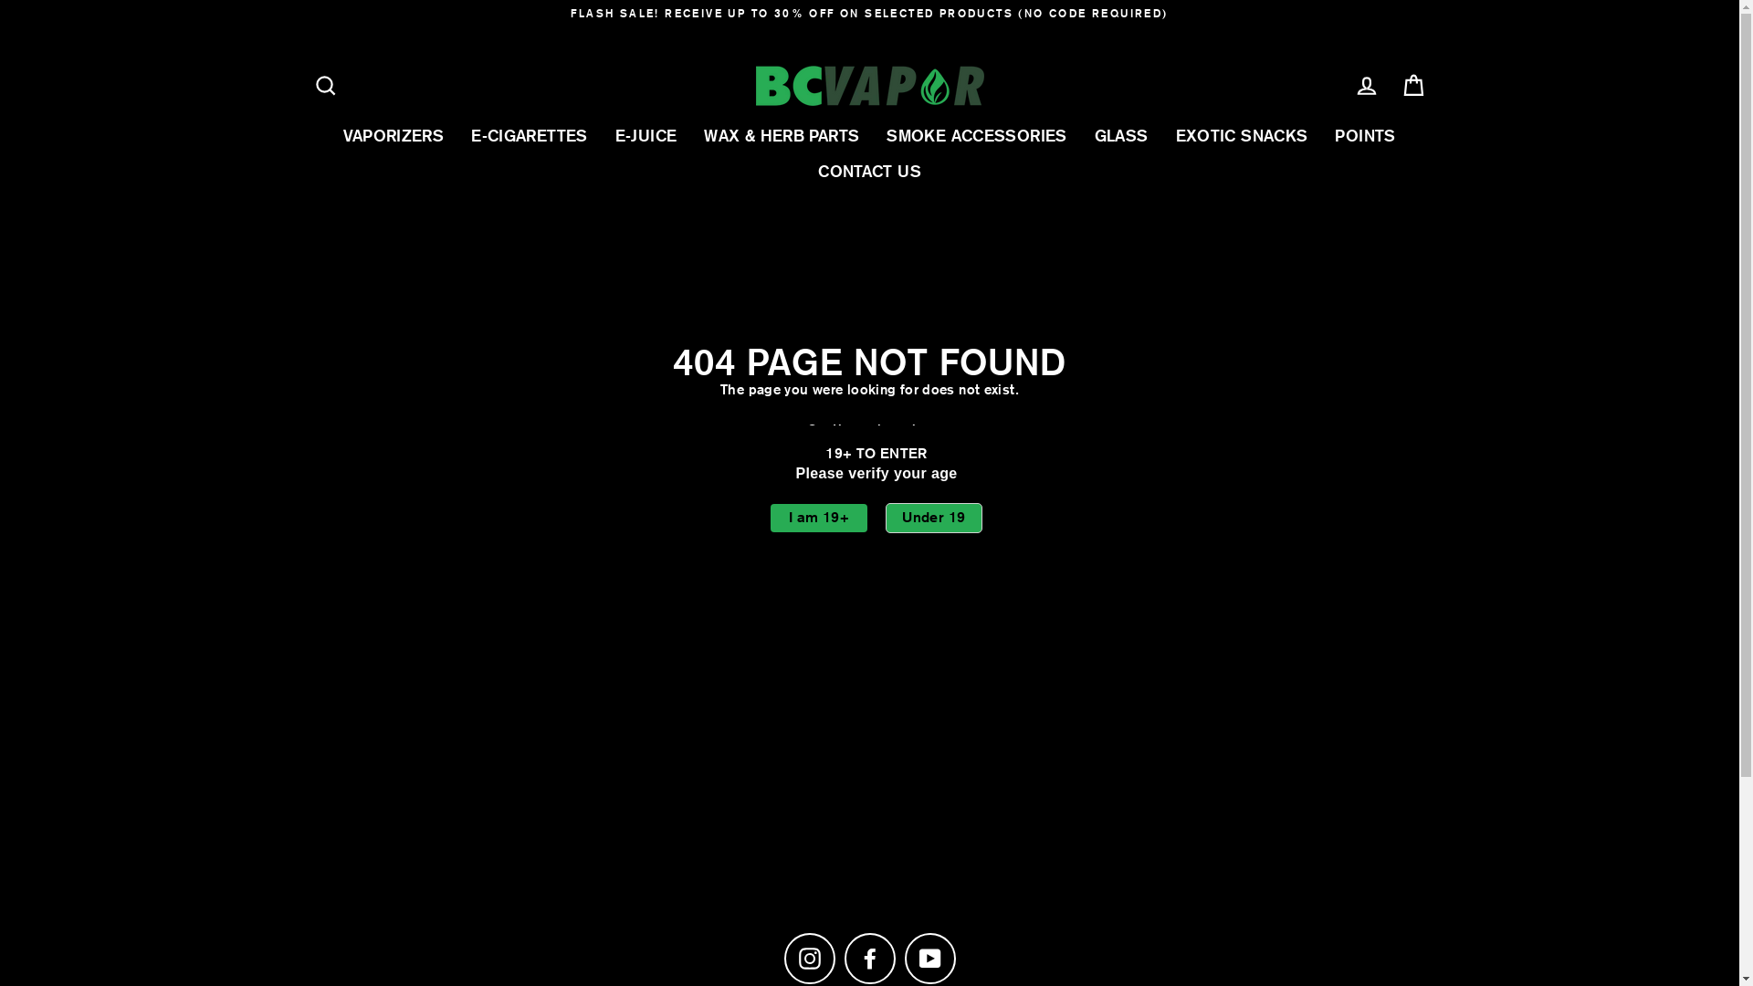 The width and height of the screenshot is (1753, 986). What do you see at coordinates (0, 0) in the screenshot?
I see `'Skip to content'` at bounding box center [0, 0].